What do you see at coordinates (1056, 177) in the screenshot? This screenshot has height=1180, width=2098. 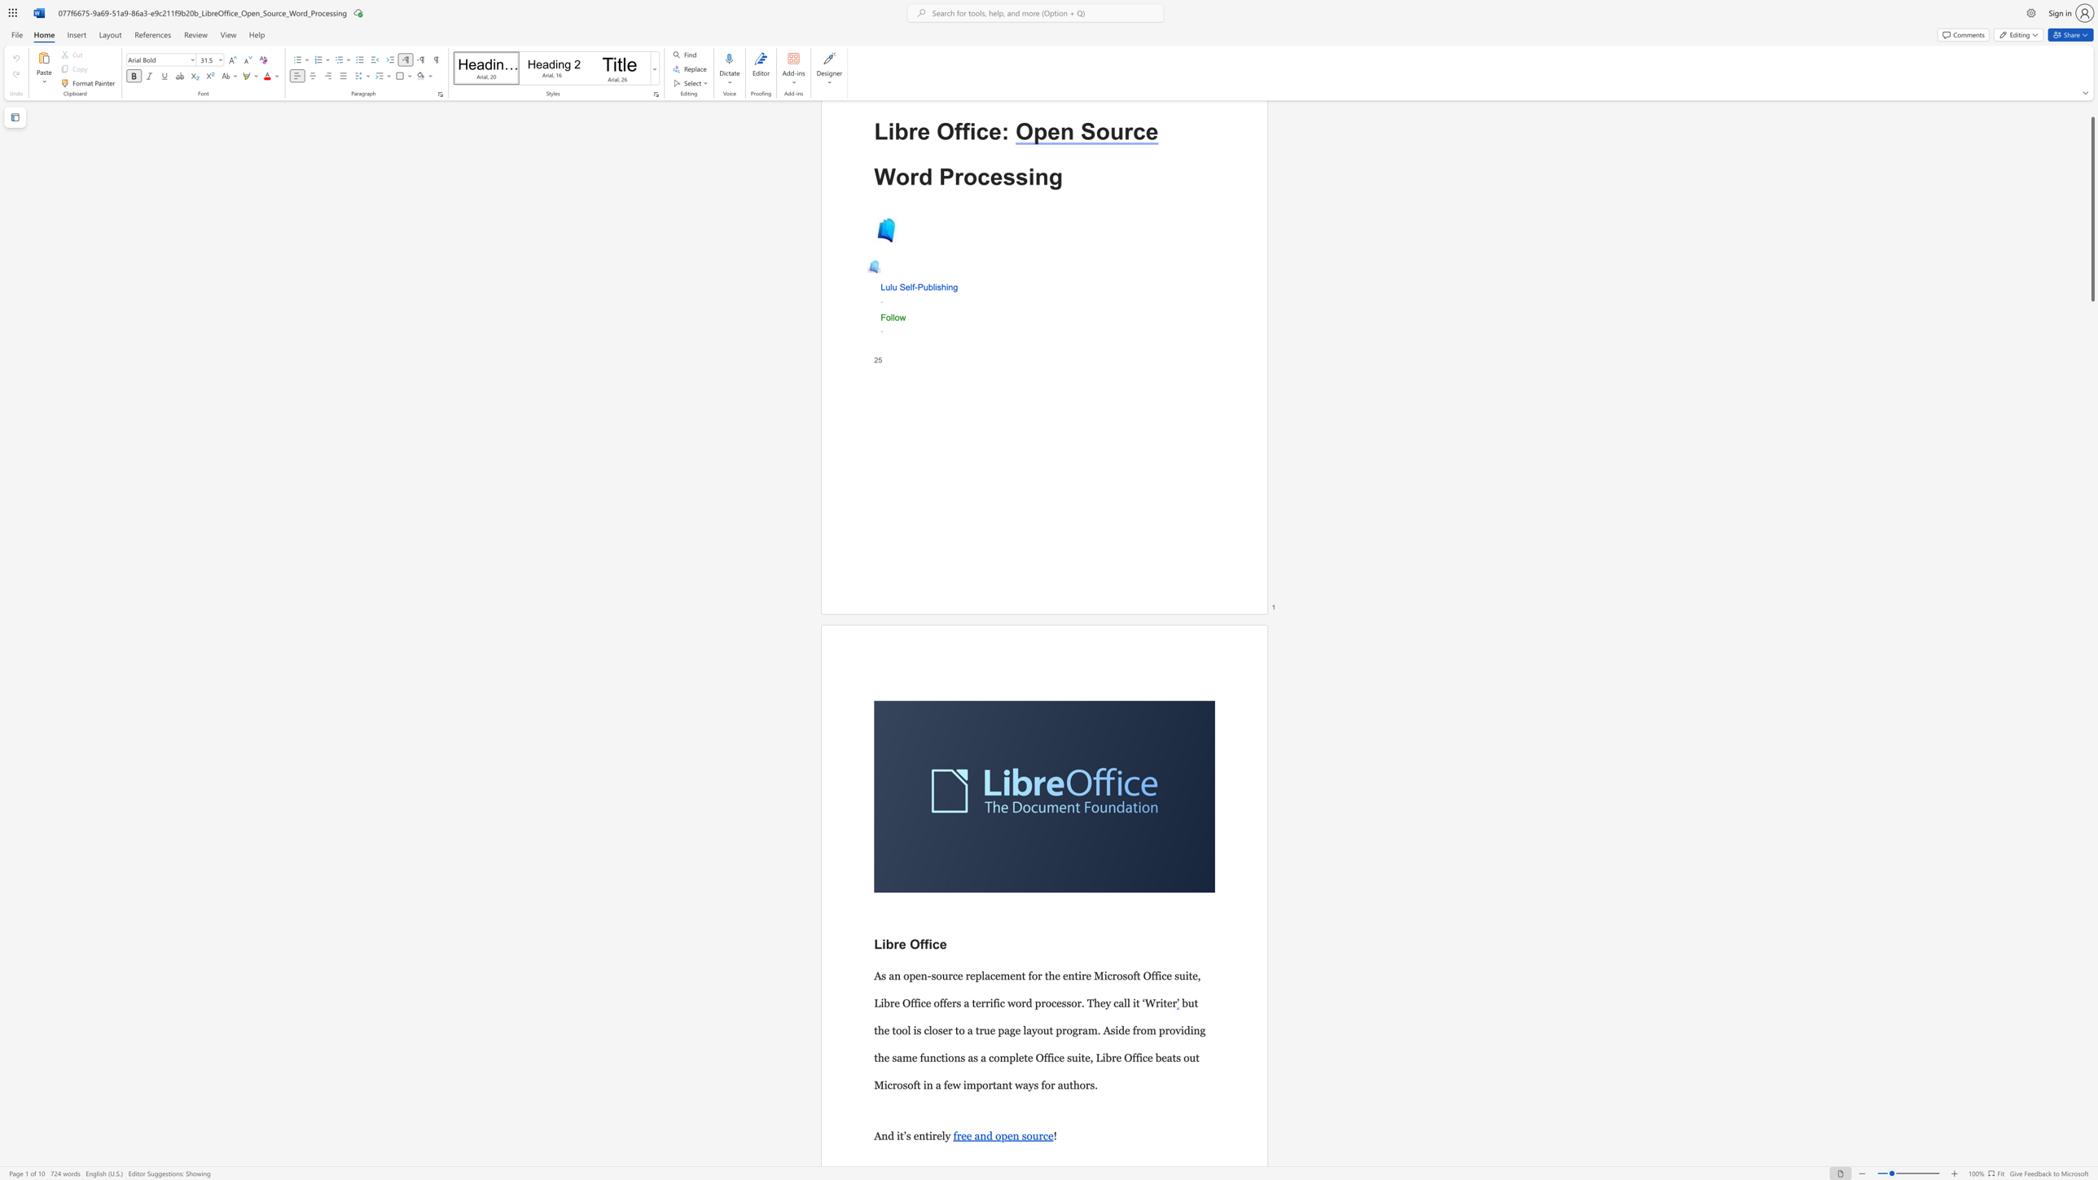 I see `the 1th character "g" in the text` at bounding box center [1056, 177].